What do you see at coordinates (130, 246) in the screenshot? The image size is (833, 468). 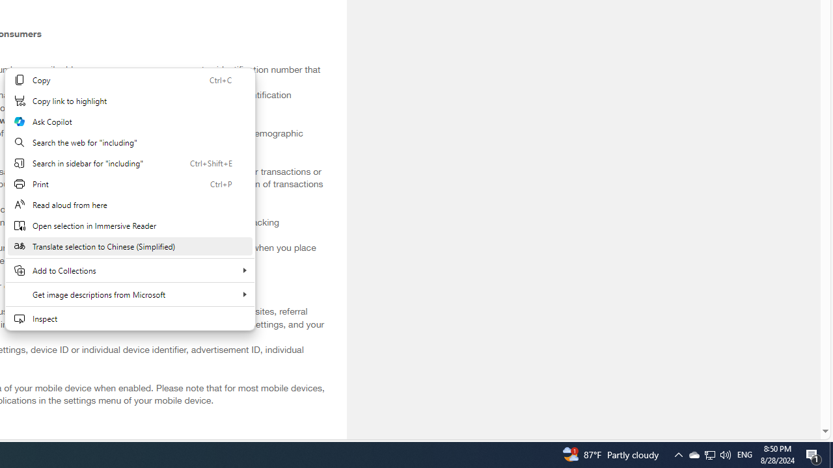 I see `'Translate selection to Chinese (Simplified)'` at bounding box center [130, 246].